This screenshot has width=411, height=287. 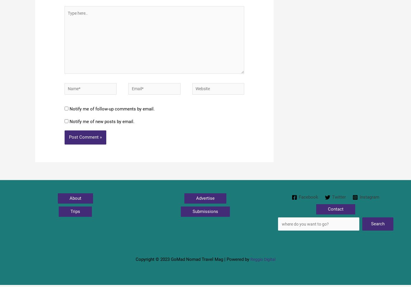 I want to click on 'Submissions', so click(x=205, y=217).